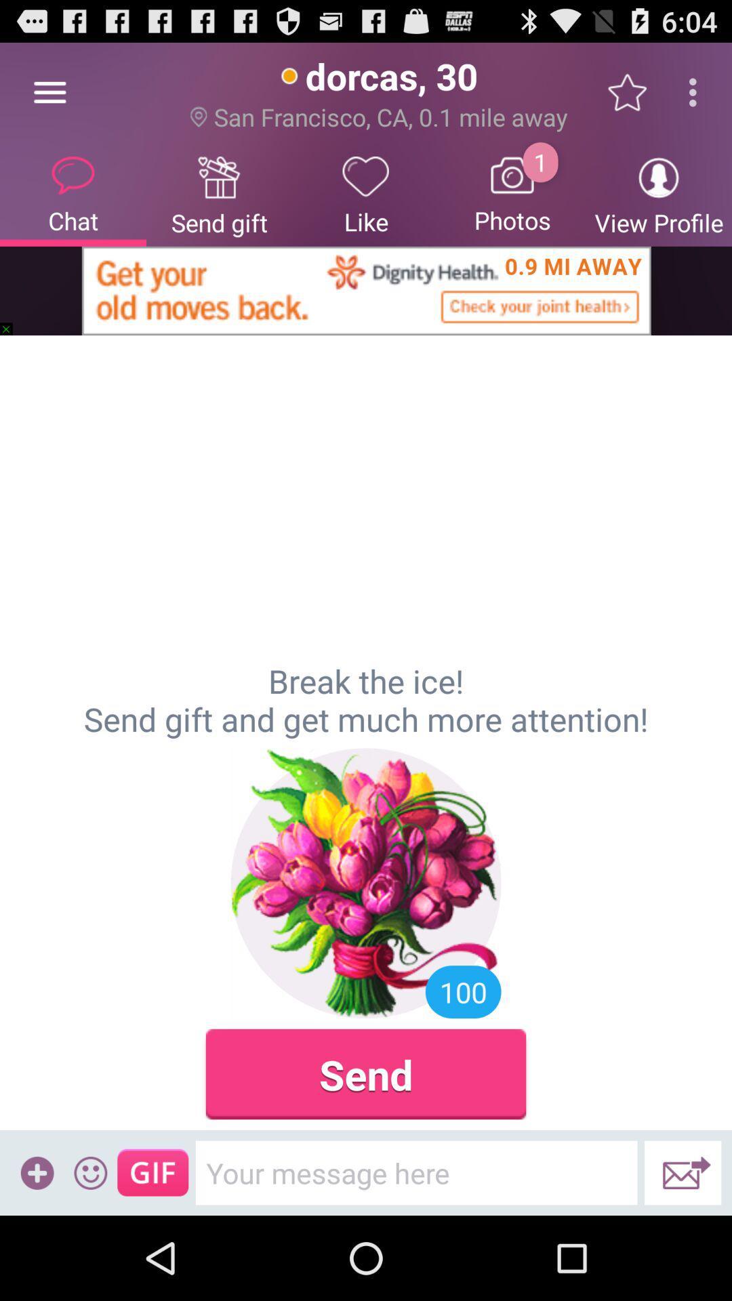 The width and height of the screenshot is (732, 1301). I want to click on the item next to send gift icon, so click(73, 193).